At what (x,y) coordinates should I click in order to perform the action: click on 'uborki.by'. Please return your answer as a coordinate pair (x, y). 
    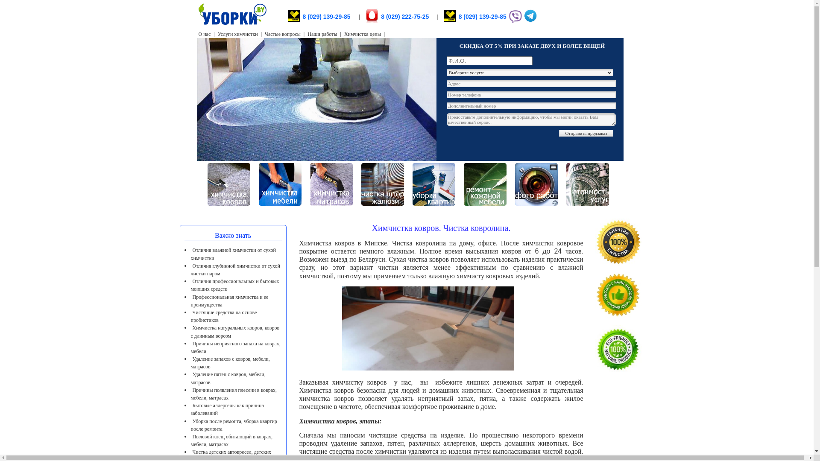
    Looking at the image, I should click on (316, 99).